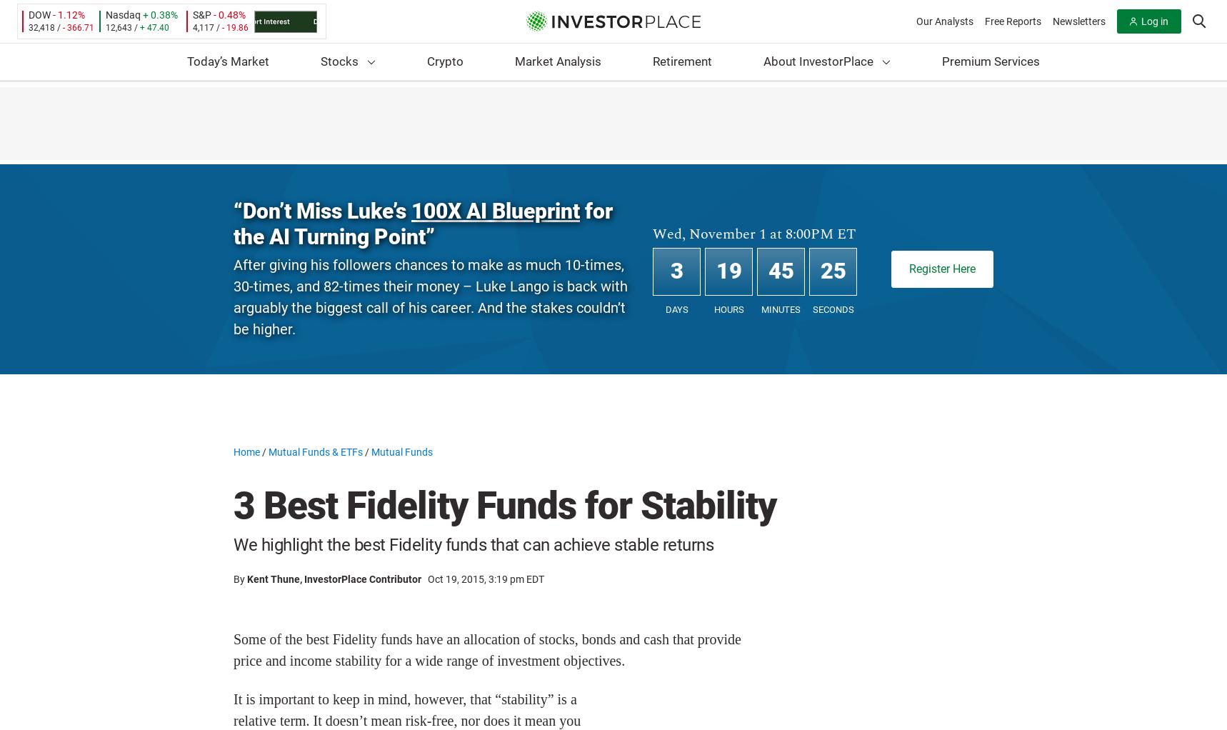 This screenshot has height=730, width=1227. What do you see at coordinates (942, 268) in the screenshot?
I see `'Register Here'` at bounding box center [942, 268].